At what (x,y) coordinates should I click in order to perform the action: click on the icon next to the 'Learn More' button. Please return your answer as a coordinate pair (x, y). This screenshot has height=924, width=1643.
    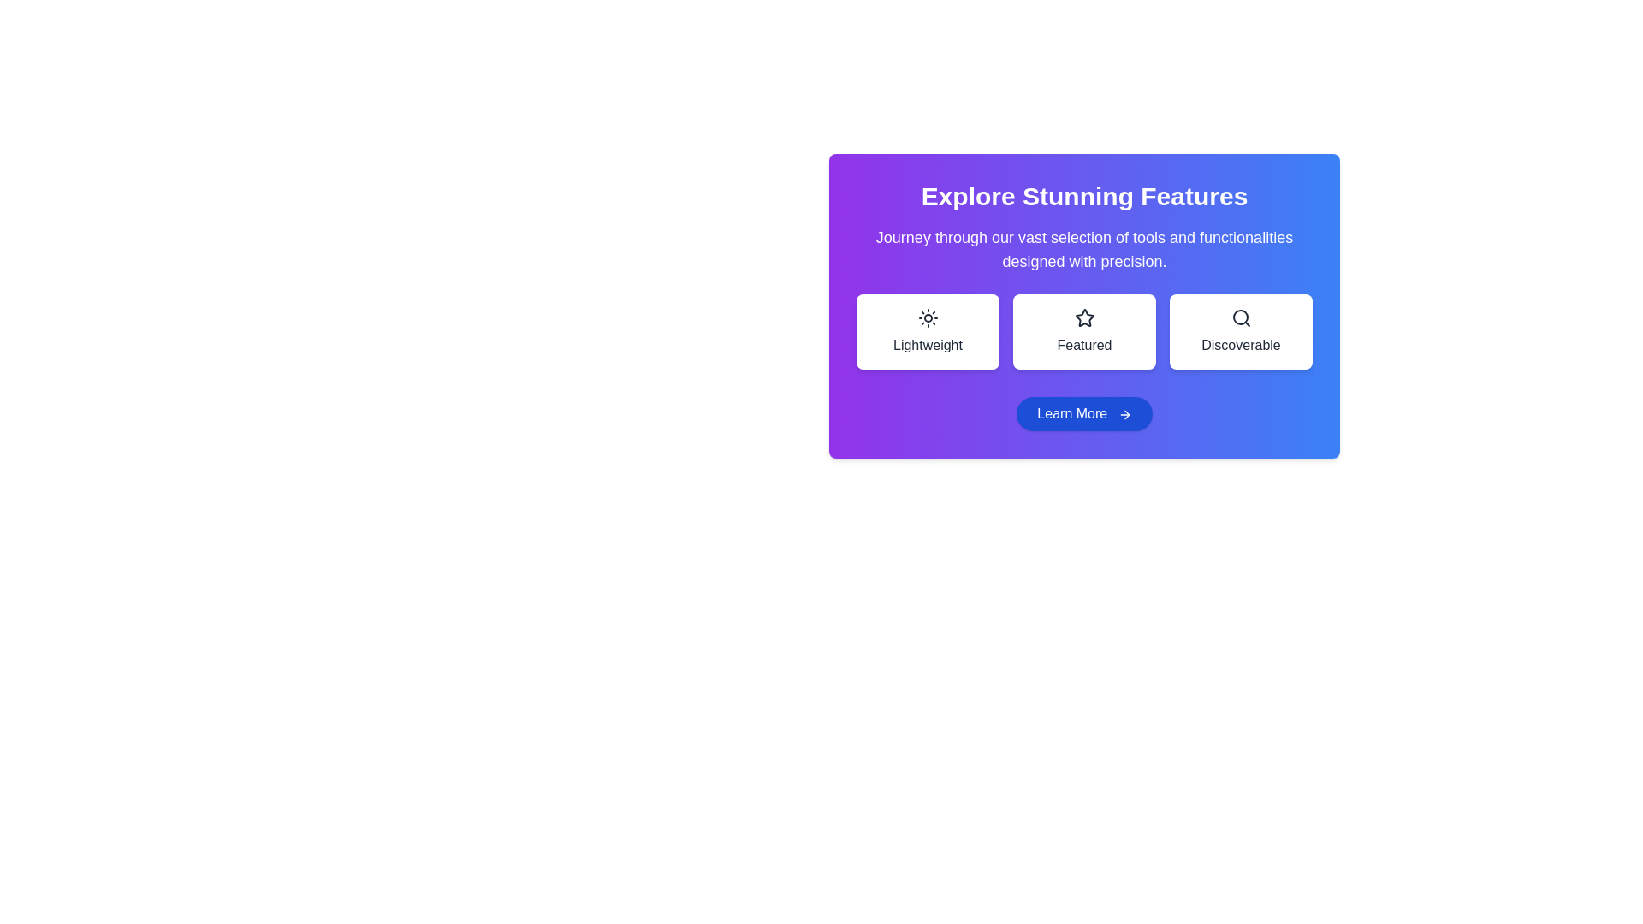
    Looking at the image, I should click on (1124, 414).